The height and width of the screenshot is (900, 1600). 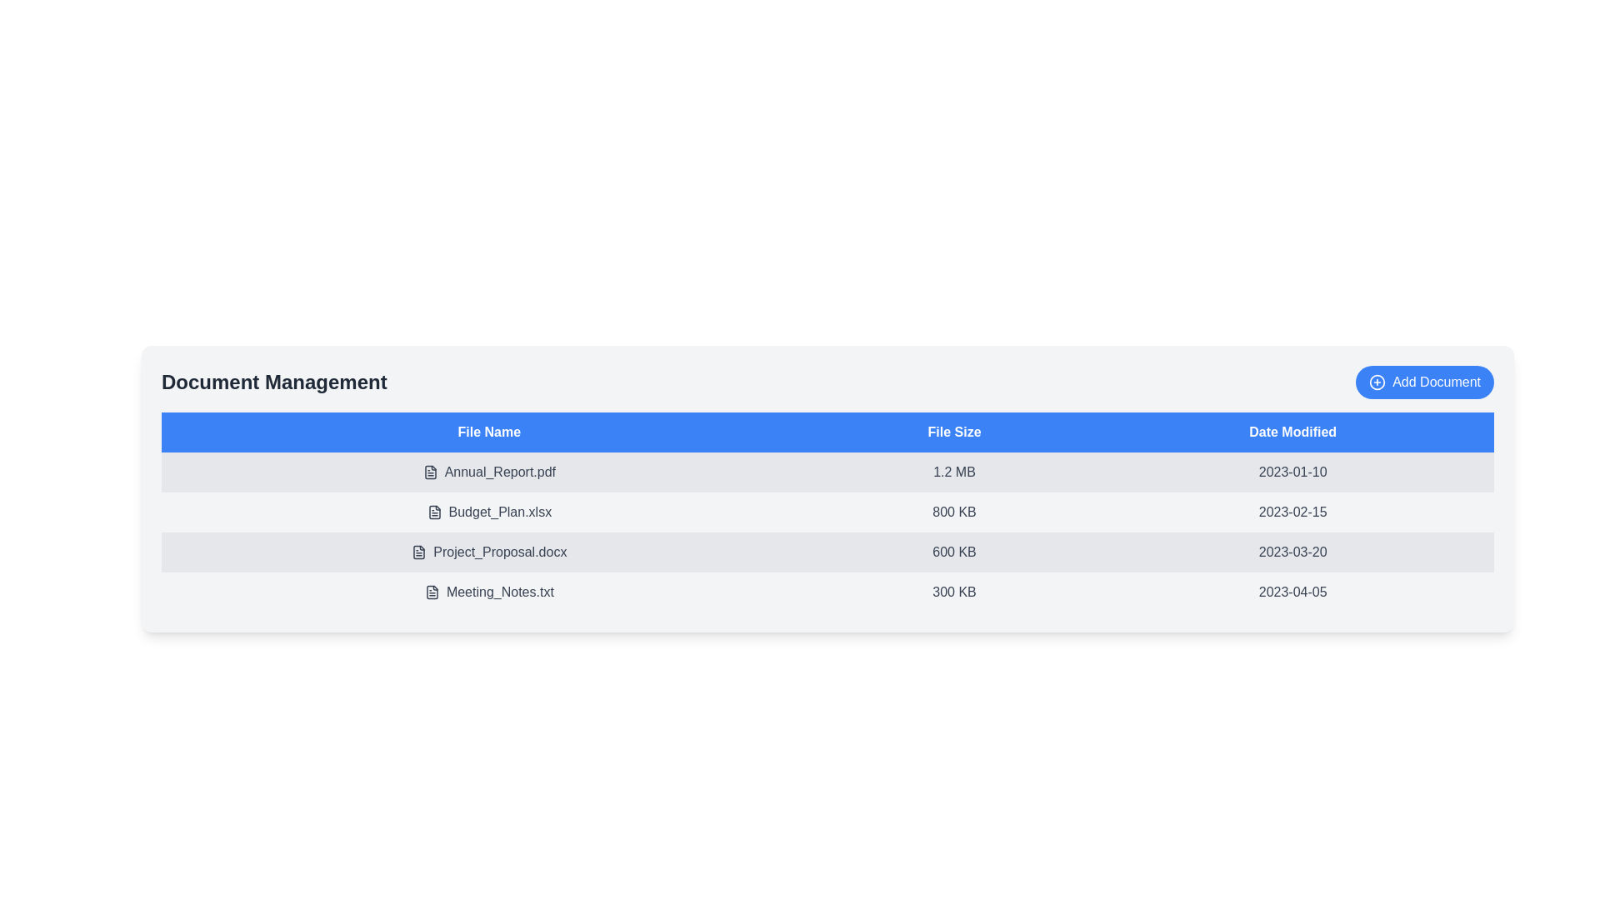 What do you see at coordinates (487, 432) in the screenshot?
I see `the table header File Name to sort the document list by that column` at bounding box center [487, 432].